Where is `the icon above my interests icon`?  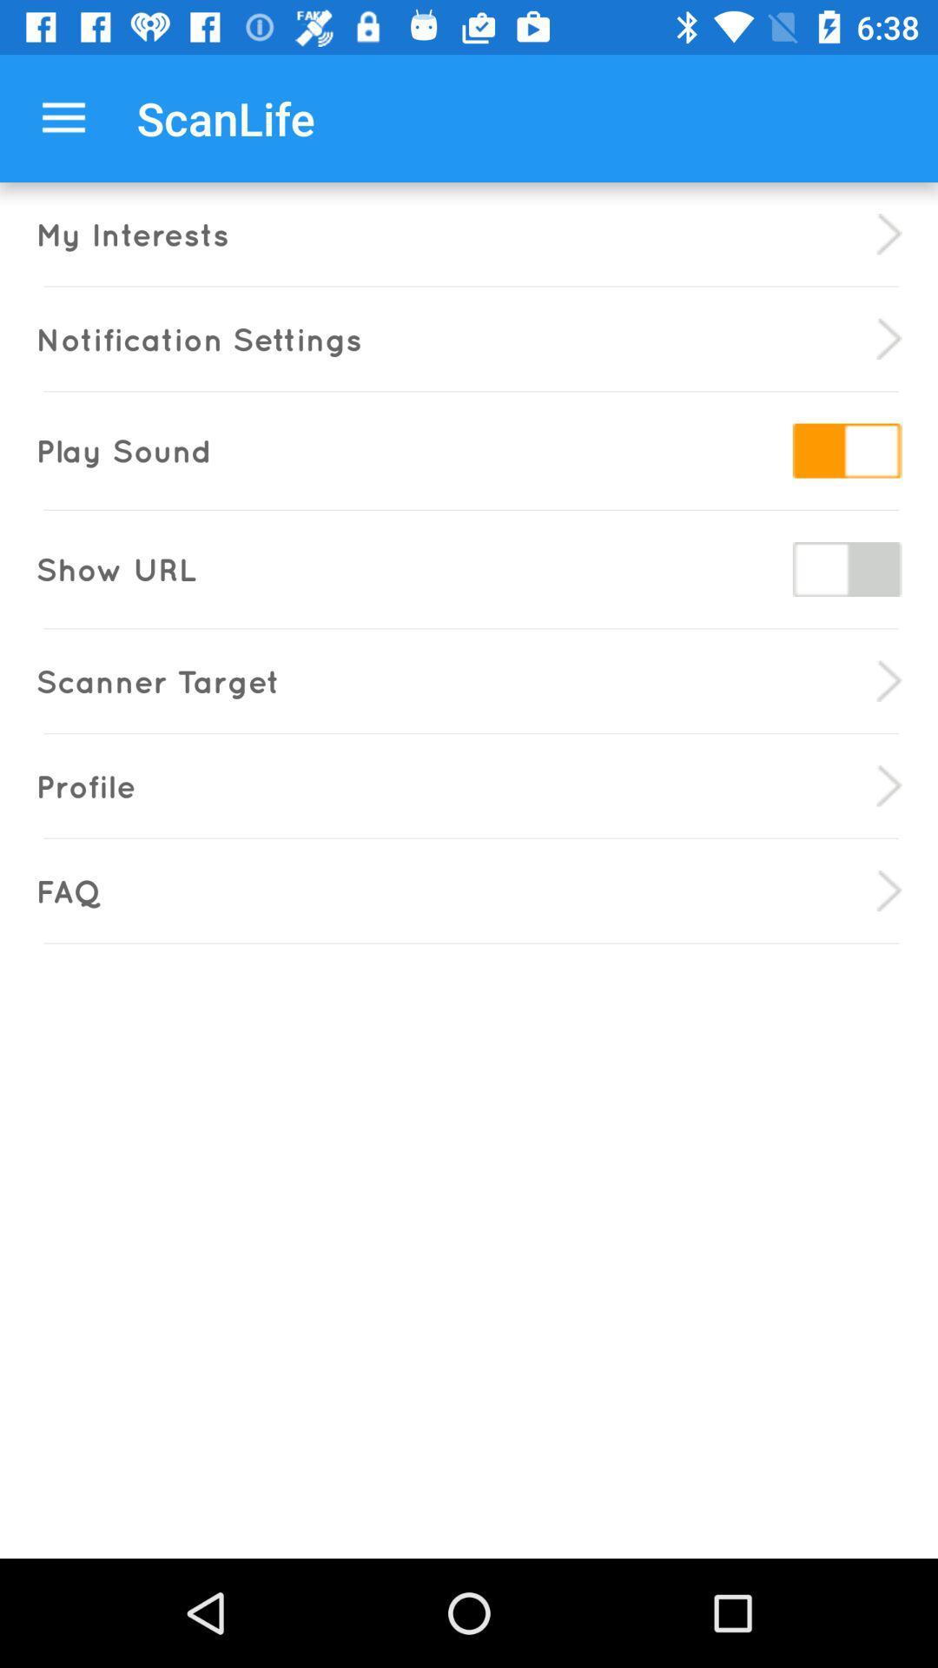 the icon above my interests icon is located at coordinates (63, 117).